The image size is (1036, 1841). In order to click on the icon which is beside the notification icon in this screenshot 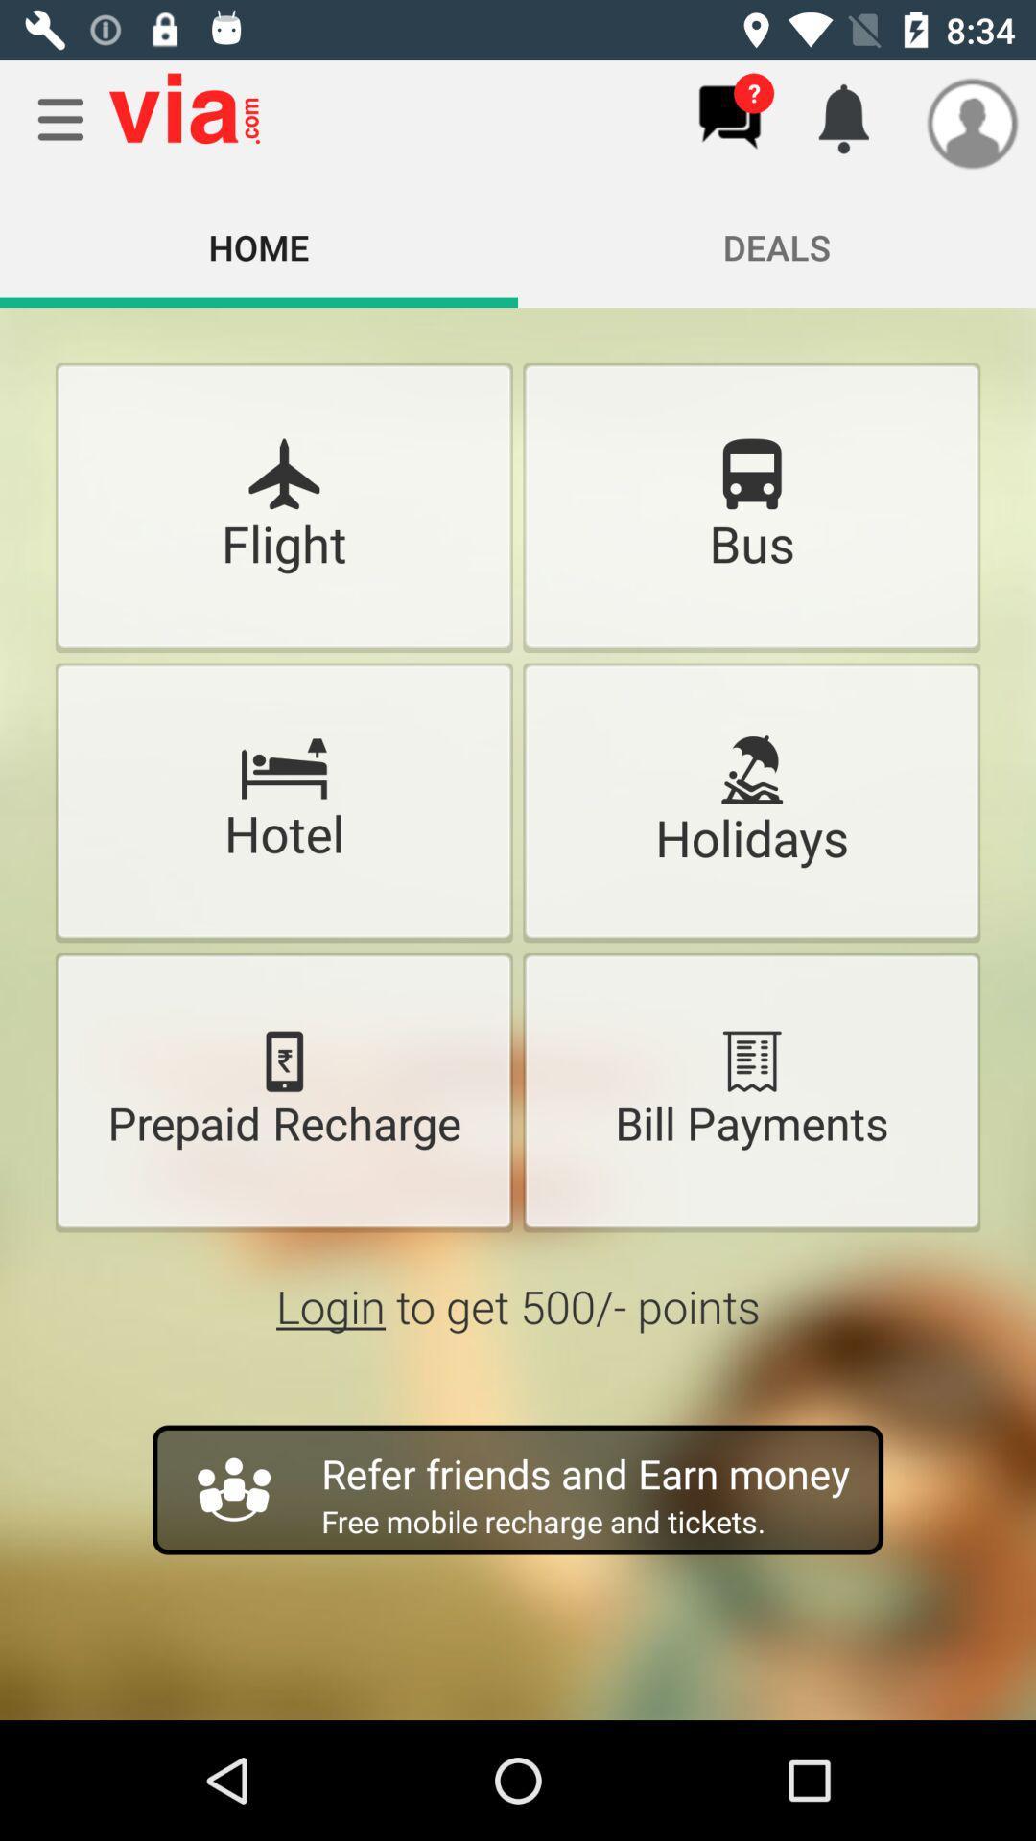, I will do `click(969, 123)`.